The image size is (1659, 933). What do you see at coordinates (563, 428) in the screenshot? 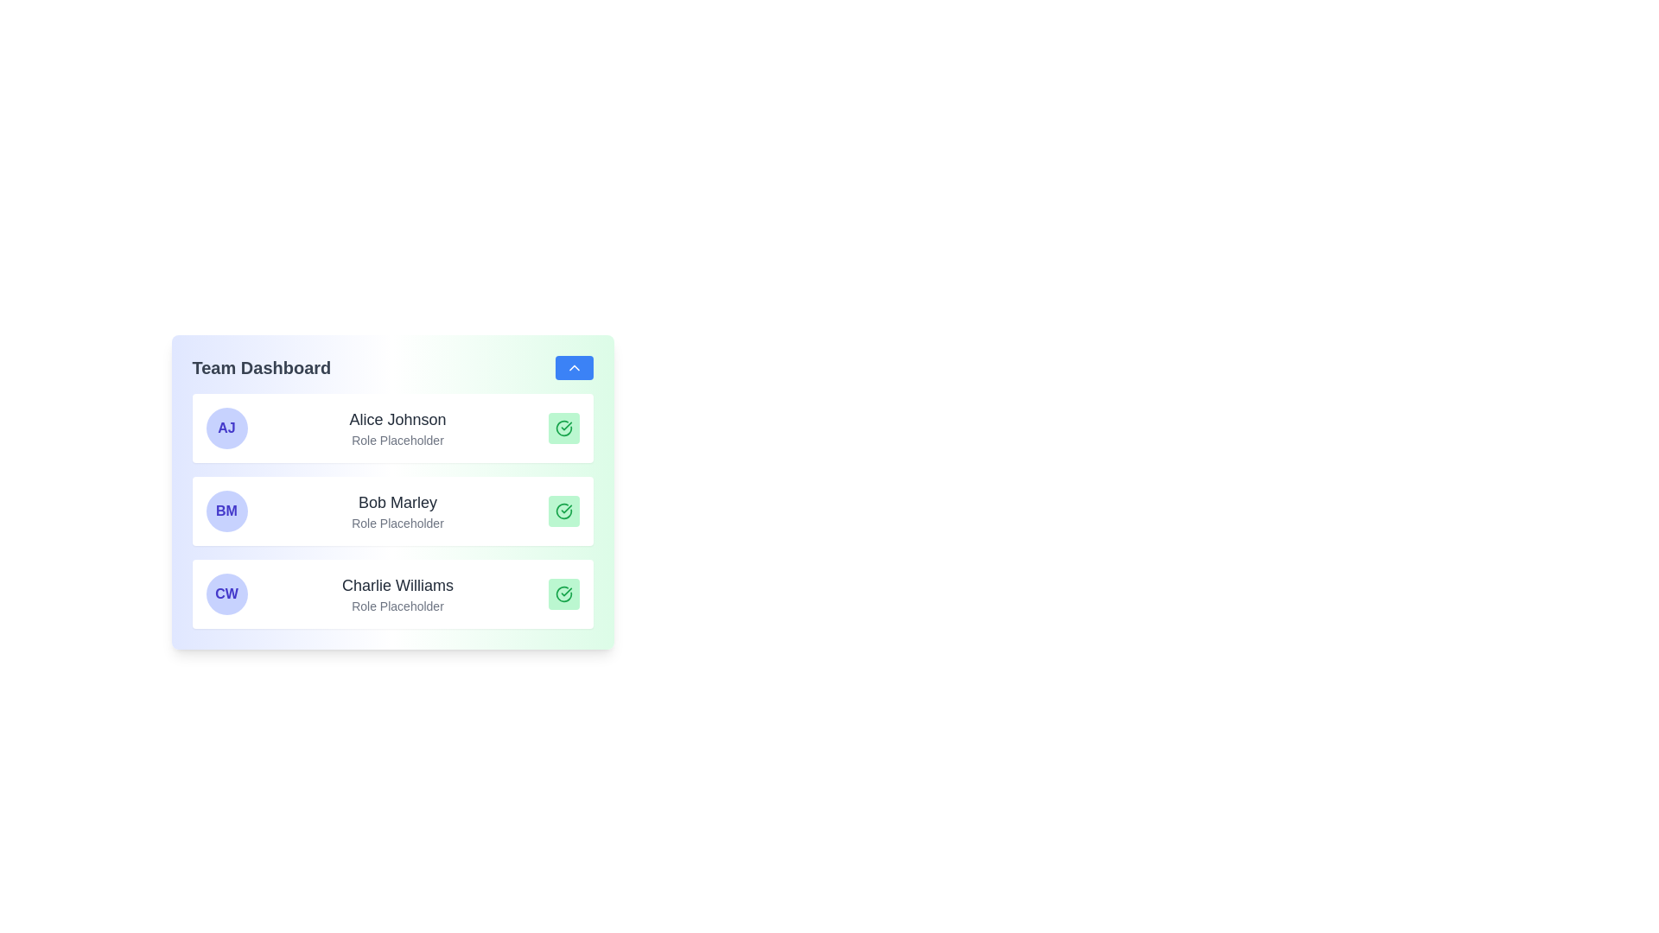
I see `the status icon with a green background and rounded corners in the first row of the list, adjacent to 'Alice Johnson, Role Placeholder'` at bounding box center [563, 428].